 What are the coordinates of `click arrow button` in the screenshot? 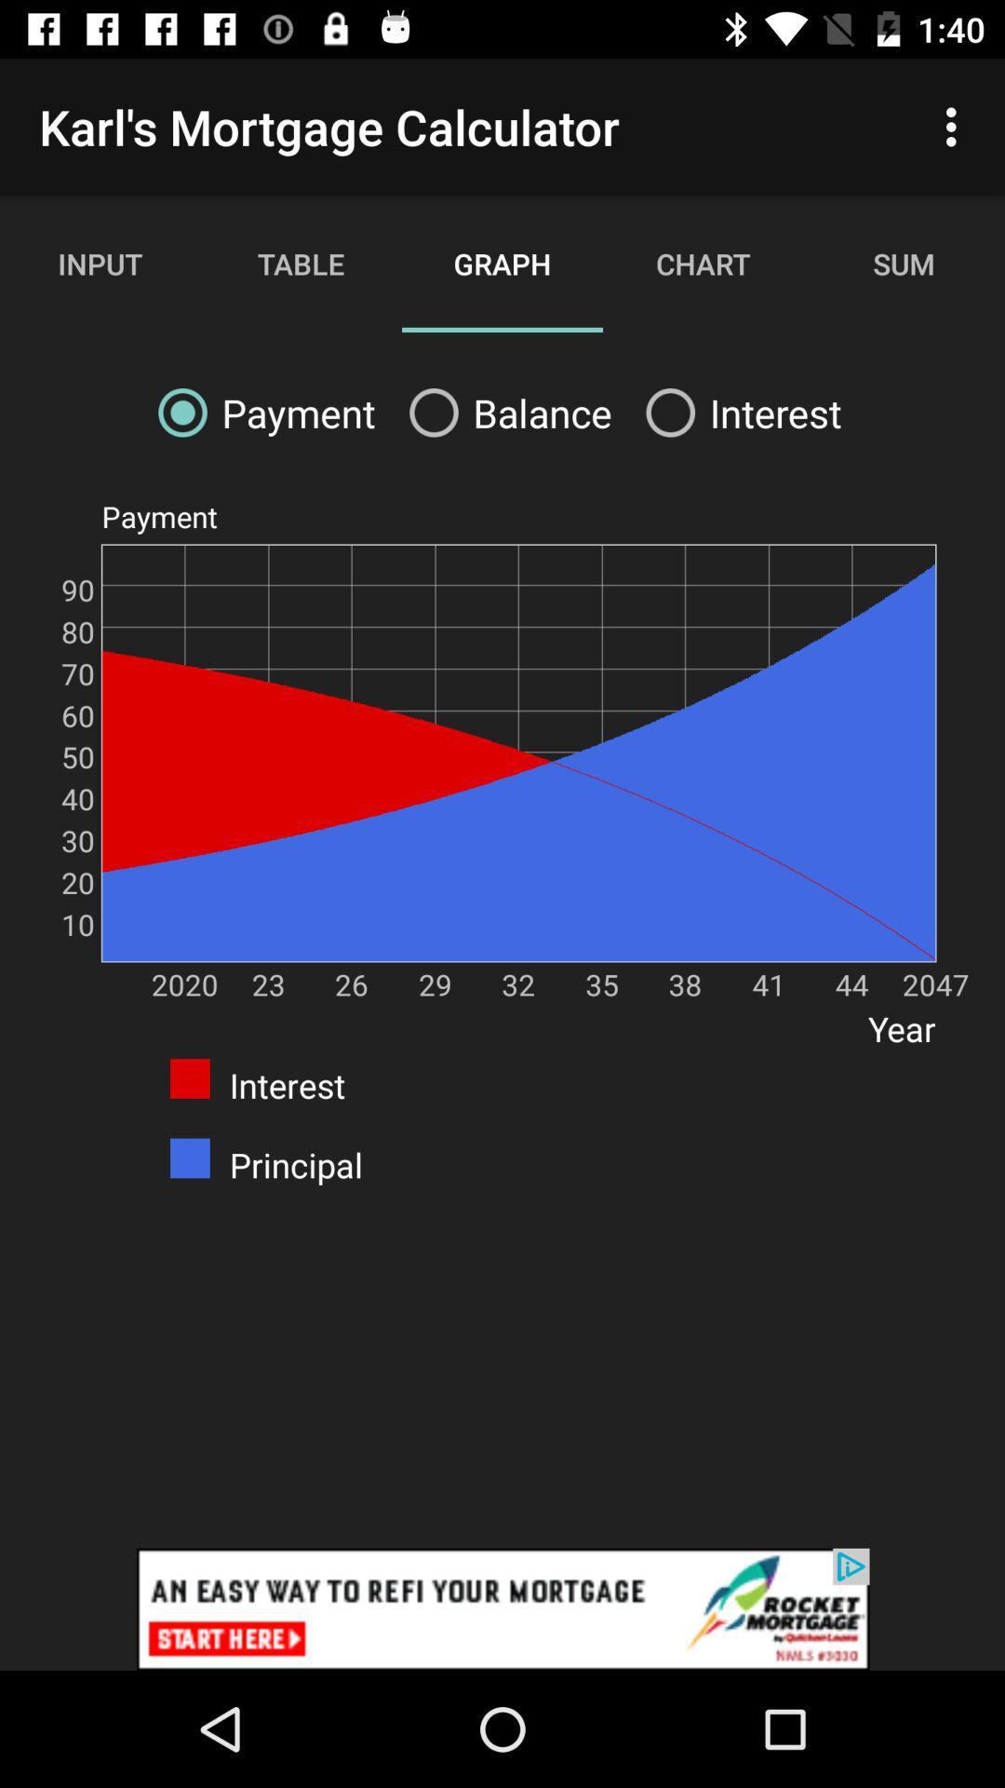 It's located at (502, 1608).